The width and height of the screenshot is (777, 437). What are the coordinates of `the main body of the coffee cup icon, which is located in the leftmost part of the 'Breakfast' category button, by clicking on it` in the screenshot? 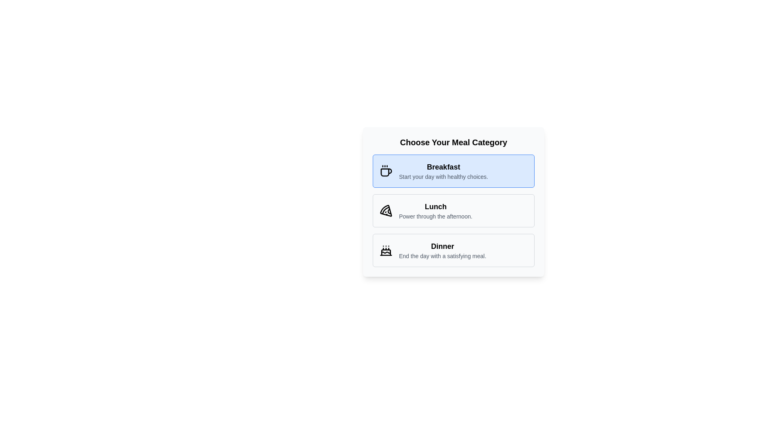 It's located at (386, 172).